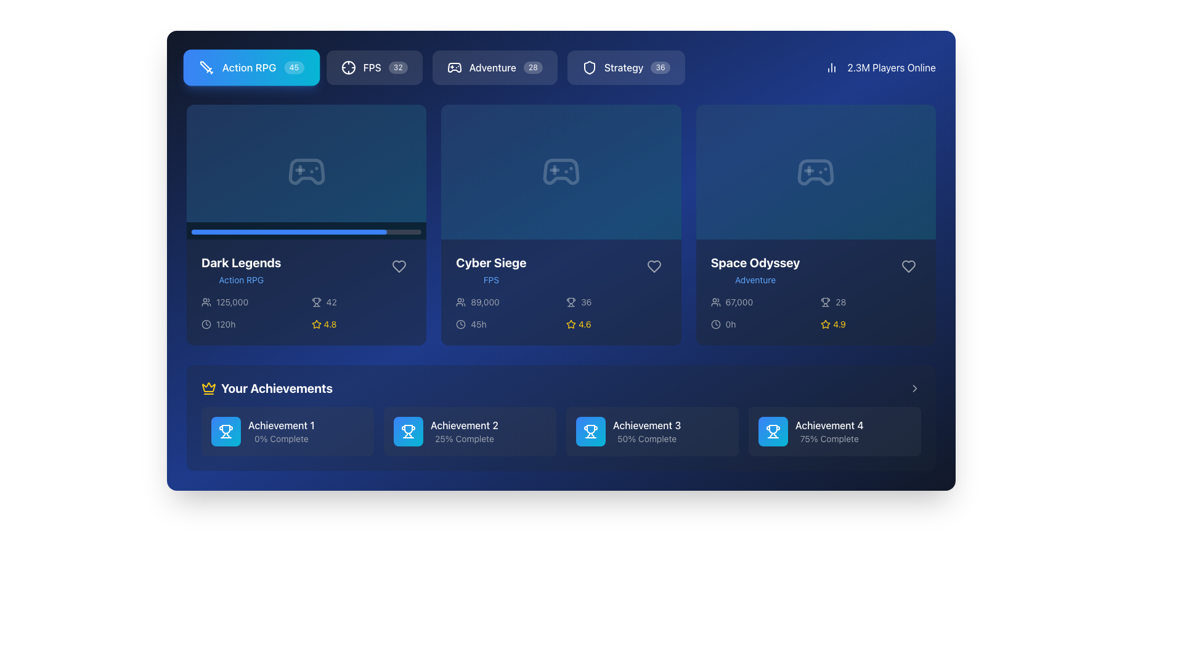 This screenshot has width=1183, height=665. I want to click on static text label that displays 'Achievement 3' located in the top part of the third card in the 'Your Achievements' section, so click(646, 424).